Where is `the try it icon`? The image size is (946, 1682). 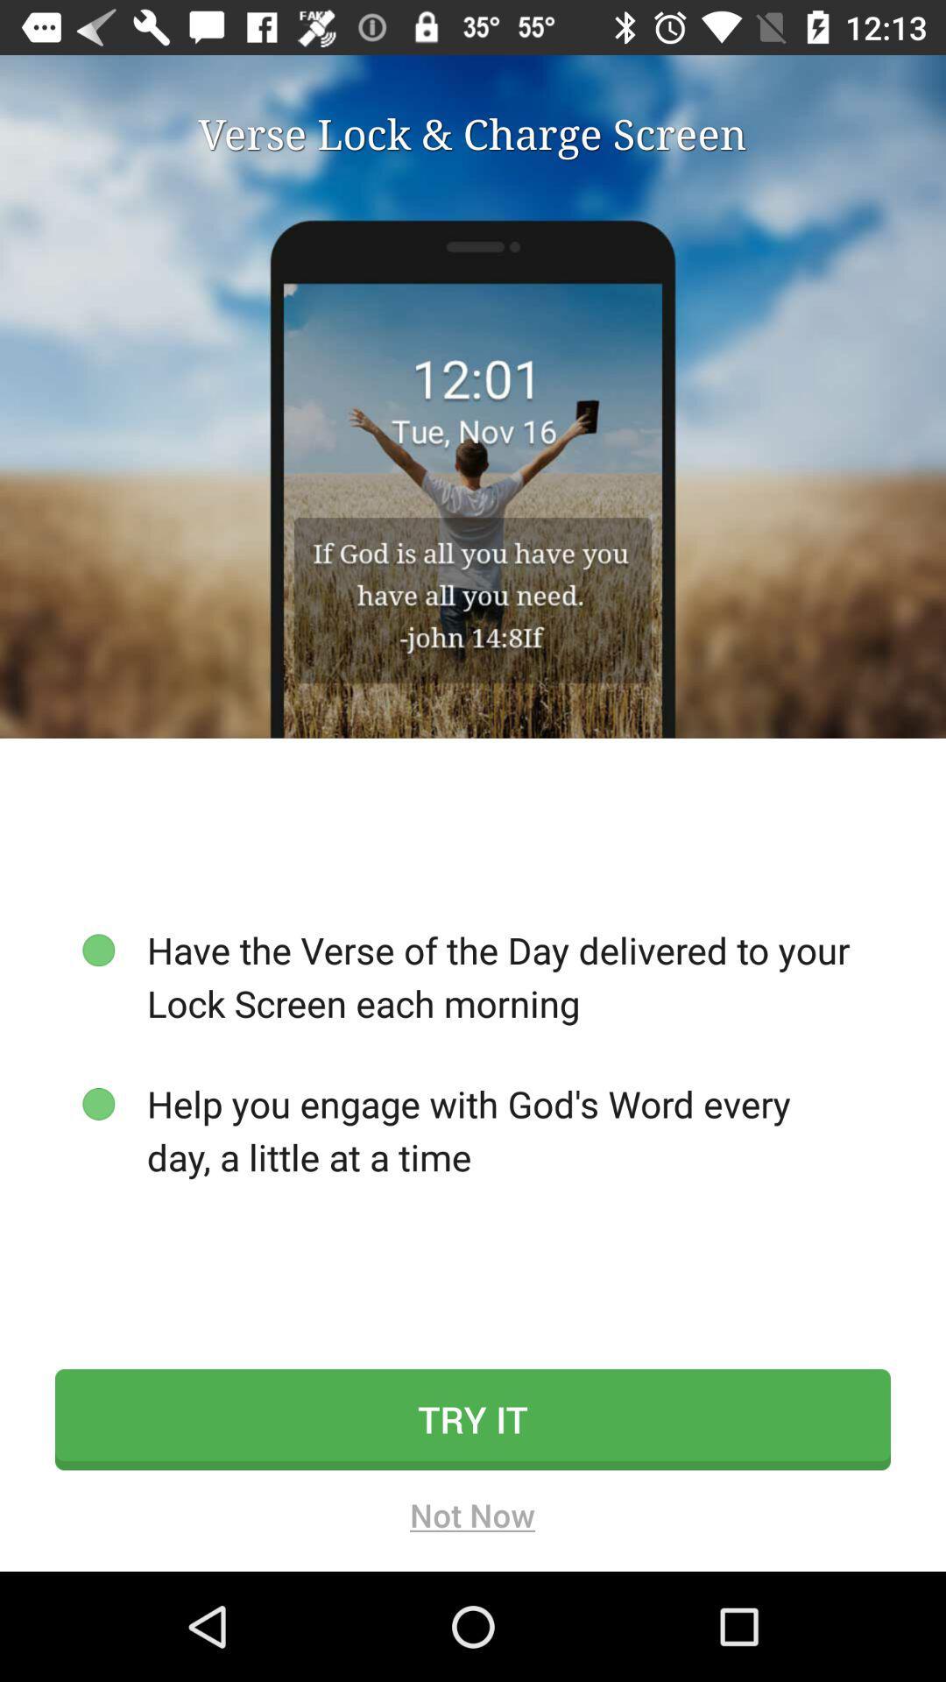
the try it icon is located at coordinates (473, 1419).